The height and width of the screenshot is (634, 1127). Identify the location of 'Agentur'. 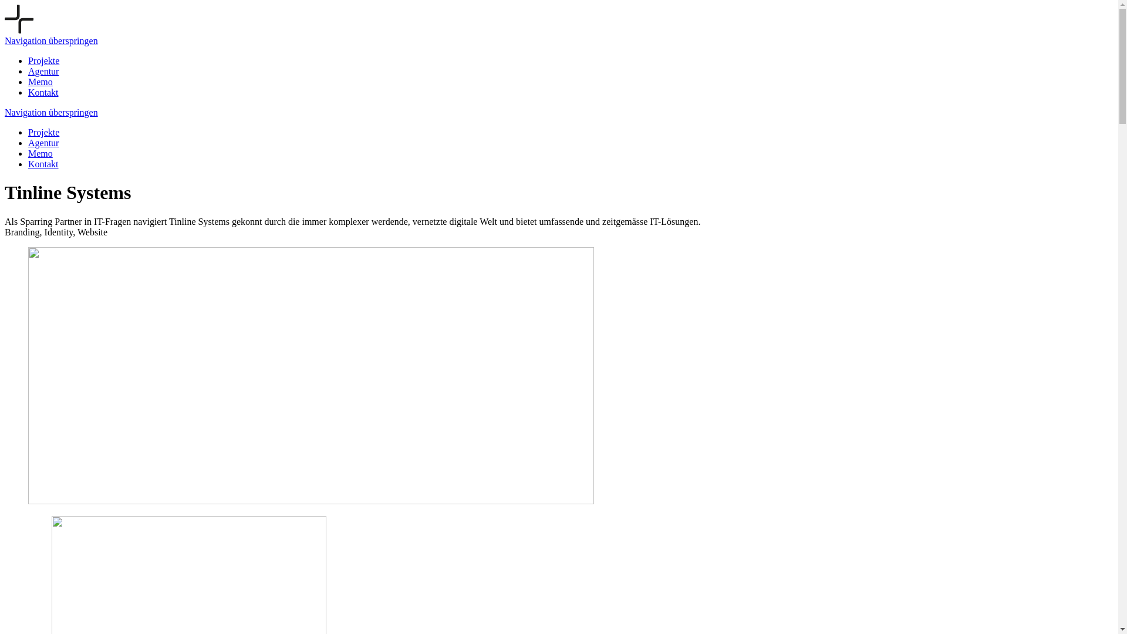
(43, 71).